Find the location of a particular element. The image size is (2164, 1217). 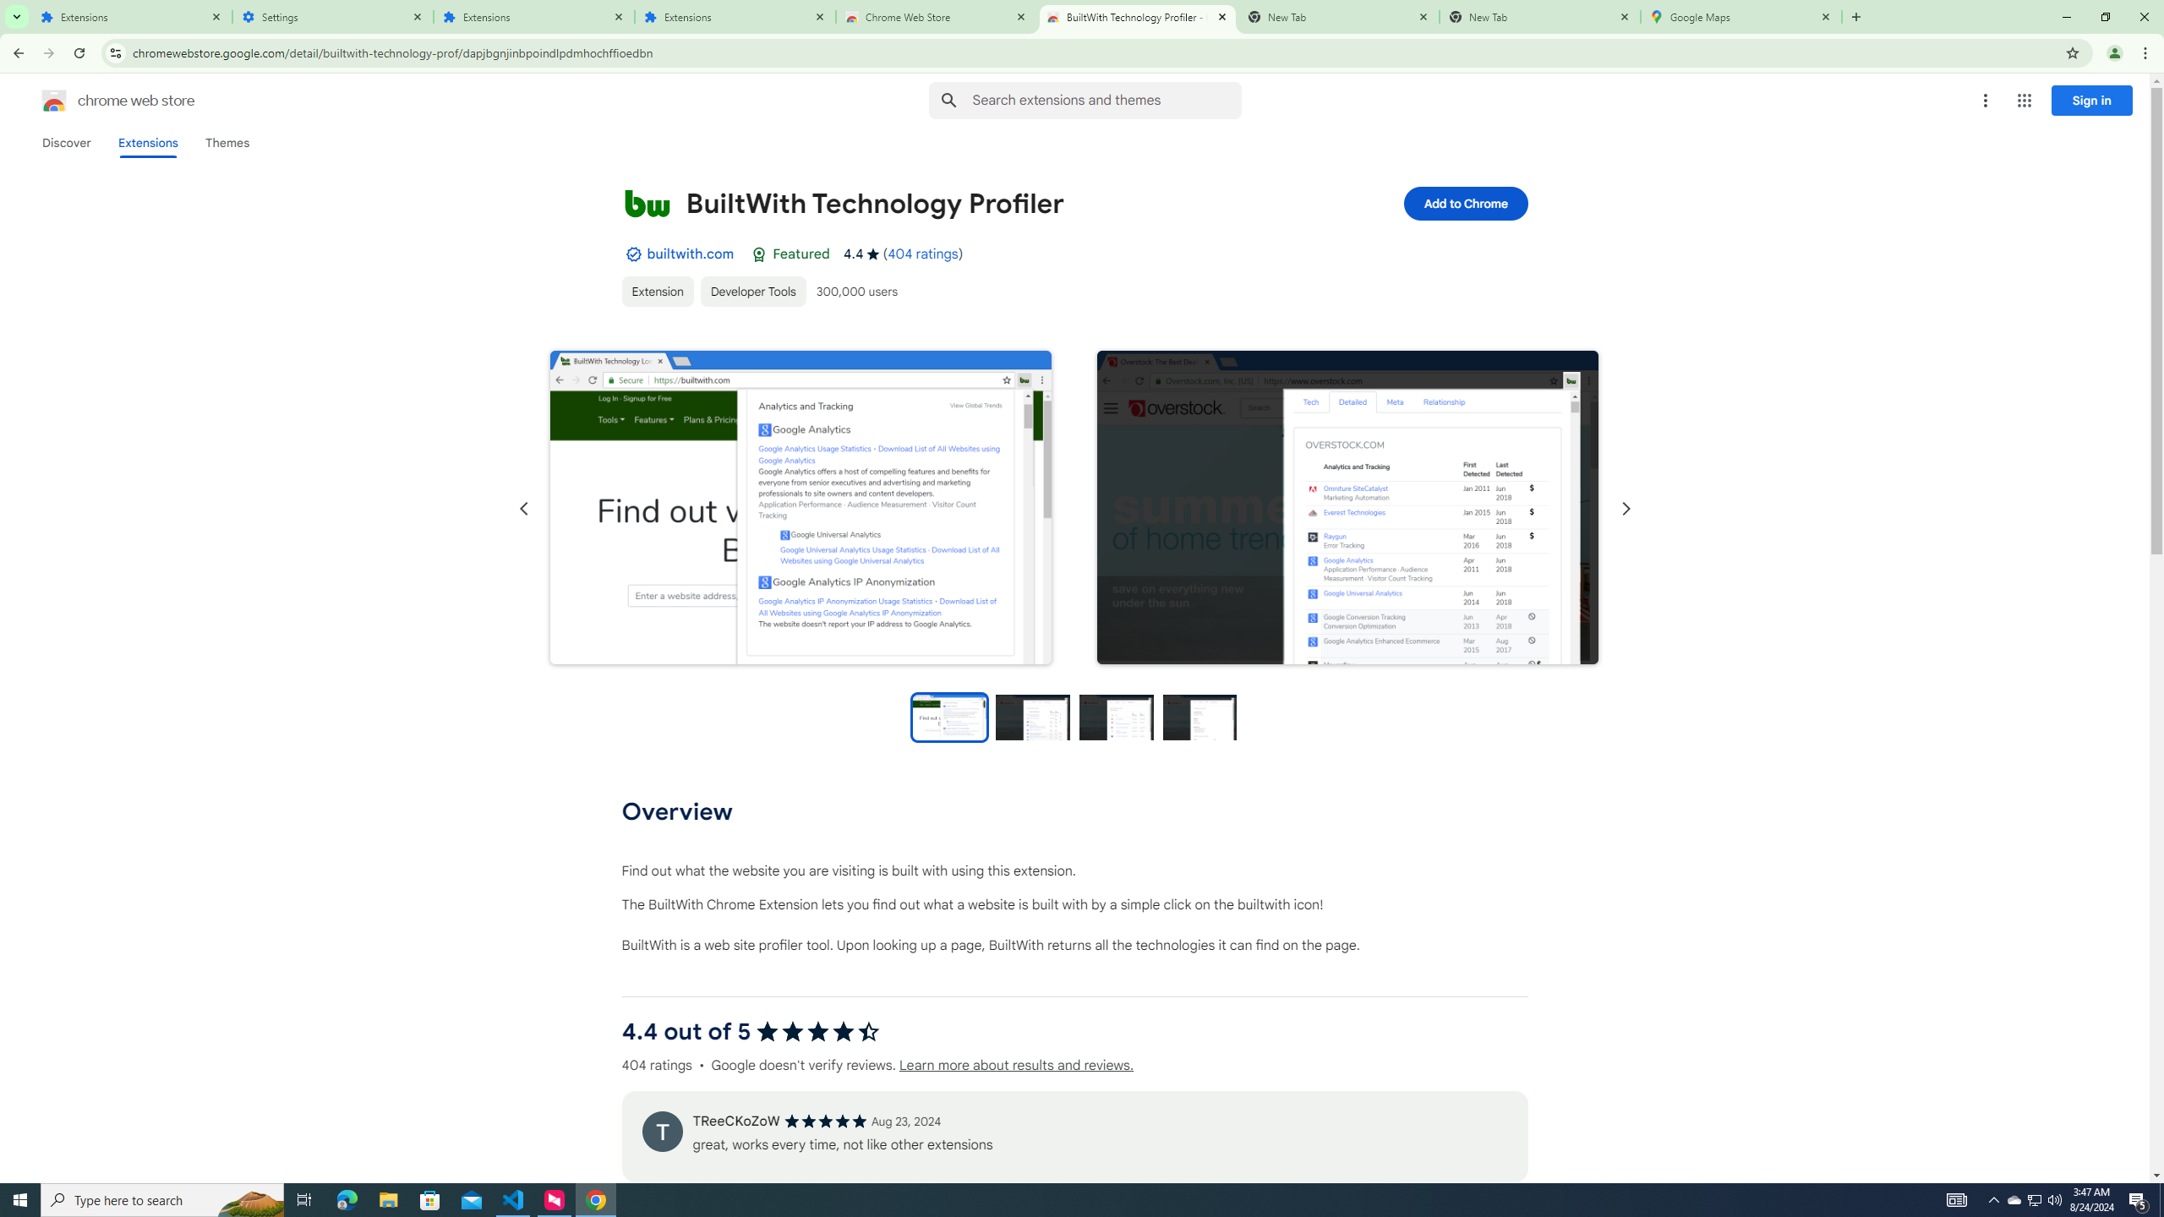

'Extension' is located at coordinates (658, 291).